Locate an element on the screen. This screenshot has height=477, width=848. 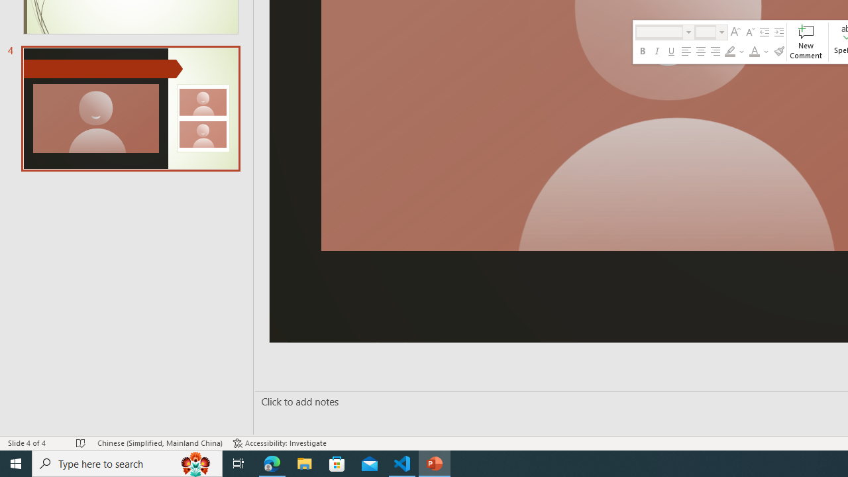
'Align Left' is located at coordinates (686, 51).